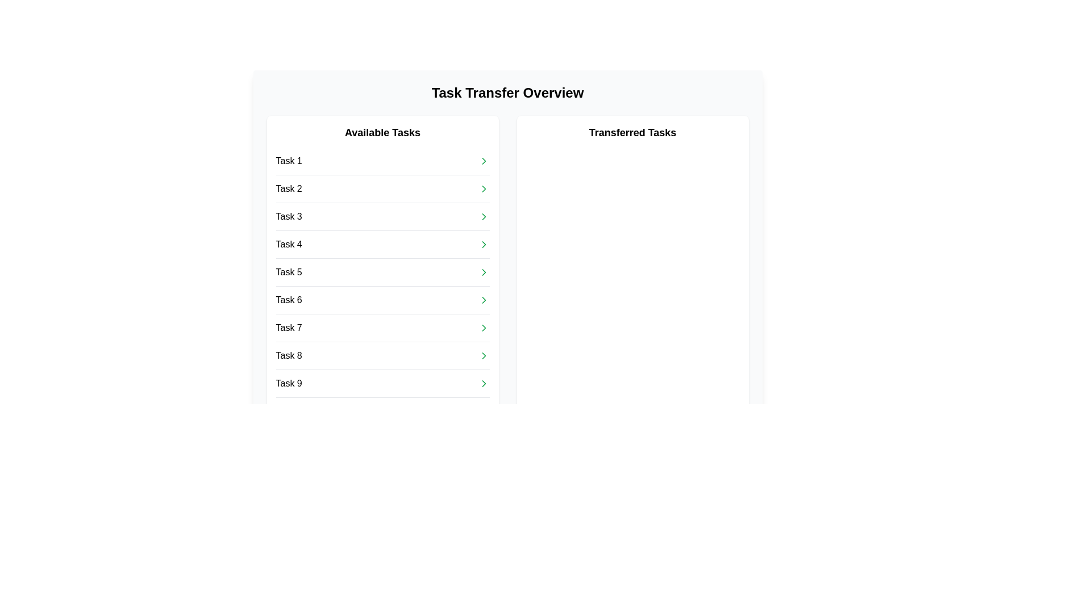 This screenshot has width=1091, height=613. I want to click on the Icon Button located on the right side of the 'Task 5' entry in the 'Available Tasks' column, so click(484, 272).